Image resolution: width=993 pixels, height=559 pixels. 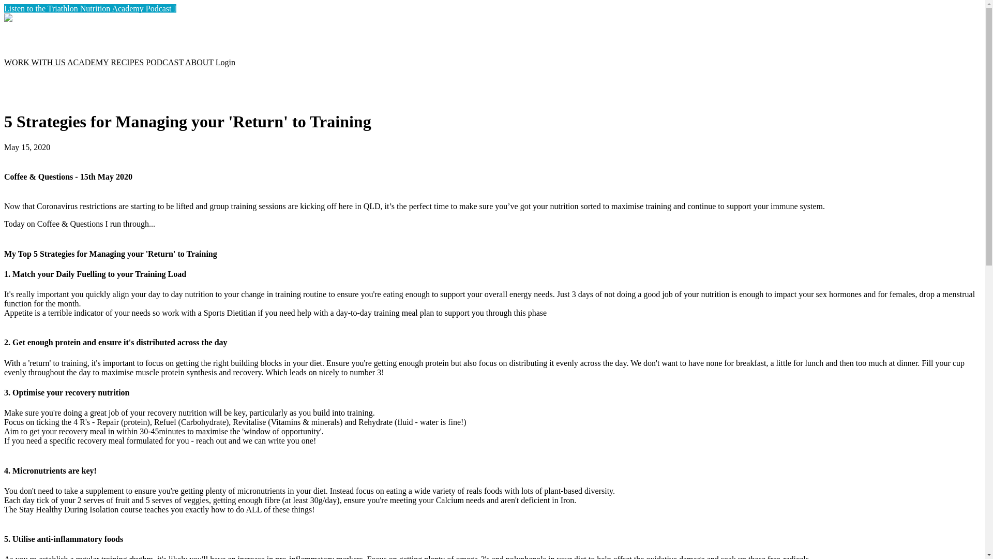 I want to click on 'WORK WITH US', so click(x=35, y=62).